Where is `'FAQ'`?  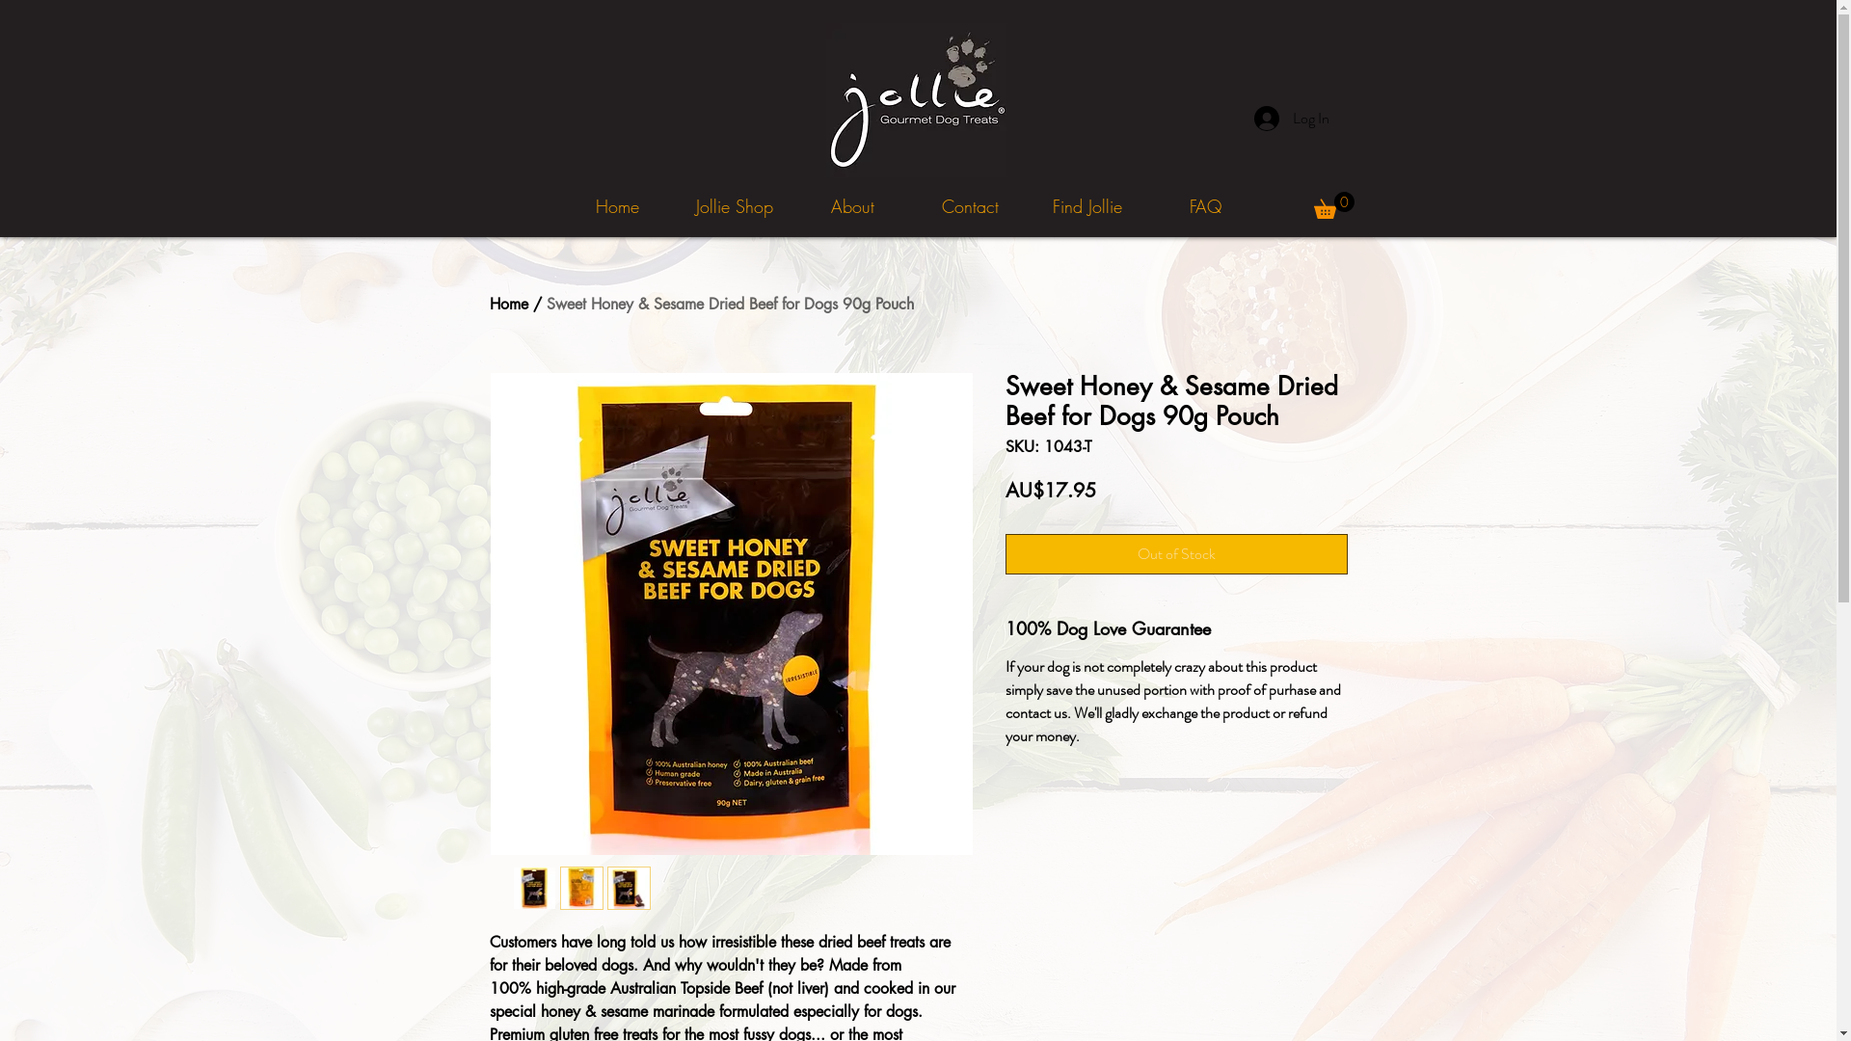
'FAQ' is located at coordinates (1203, 206).